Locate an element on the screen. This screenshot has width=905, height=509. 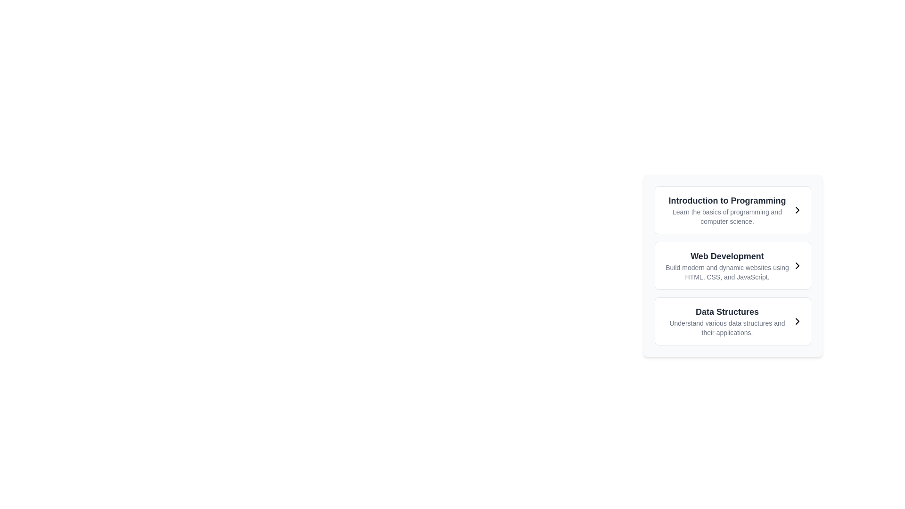
the list item titled 'Data Structures' is located at coordinates (732, 321).